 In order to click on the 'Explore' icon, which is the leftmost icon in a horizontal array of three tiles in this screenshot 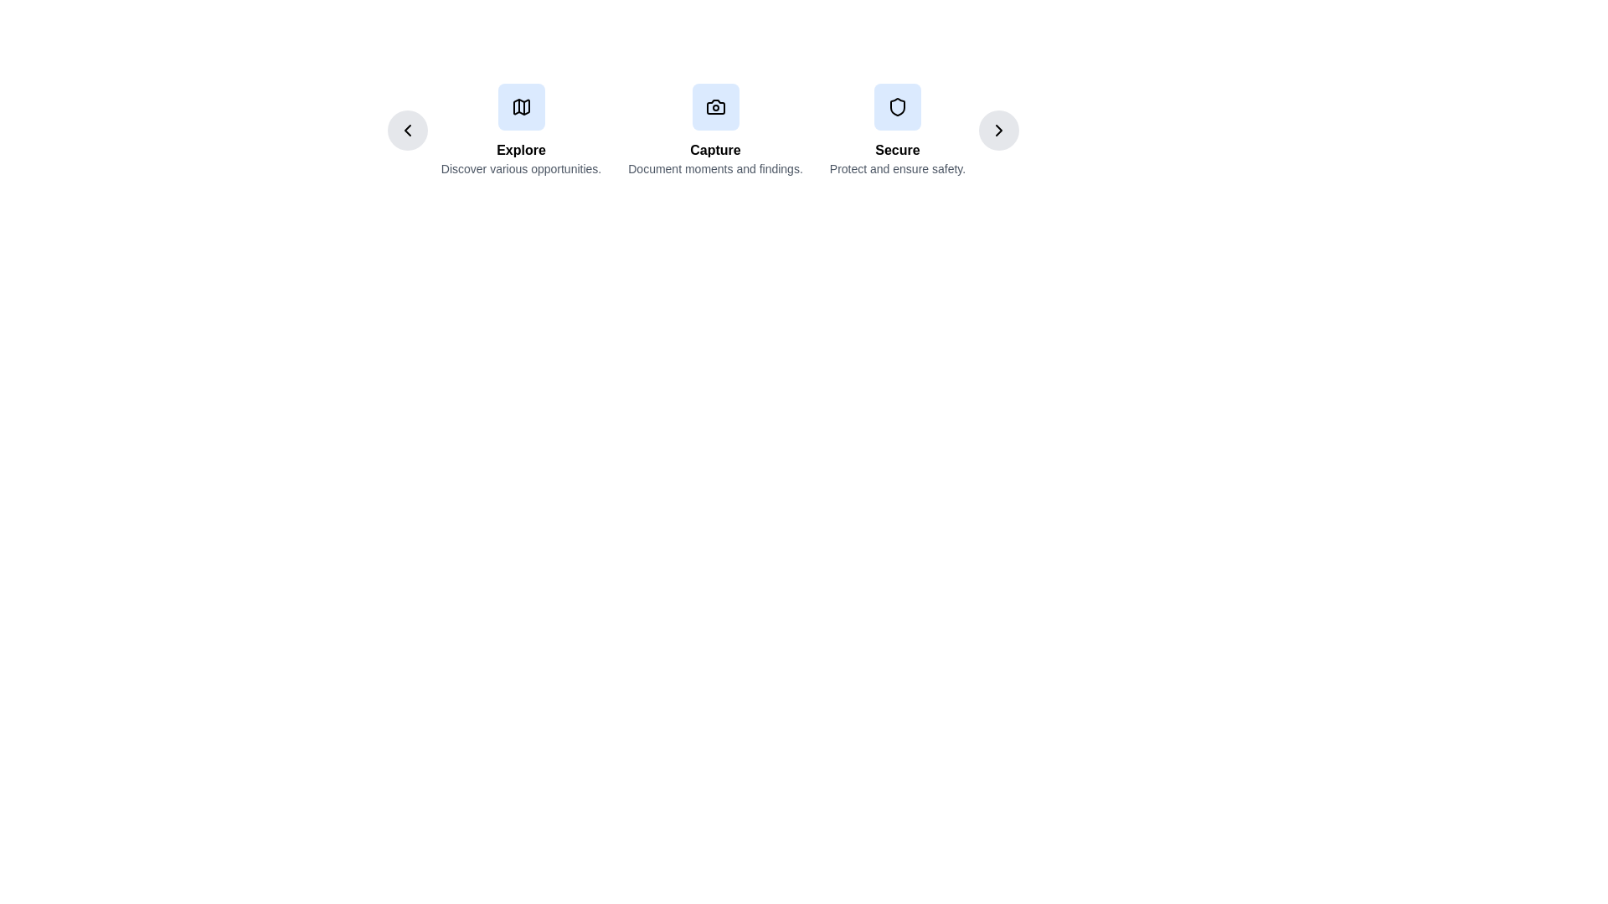, I will do `click(520, 106)`.